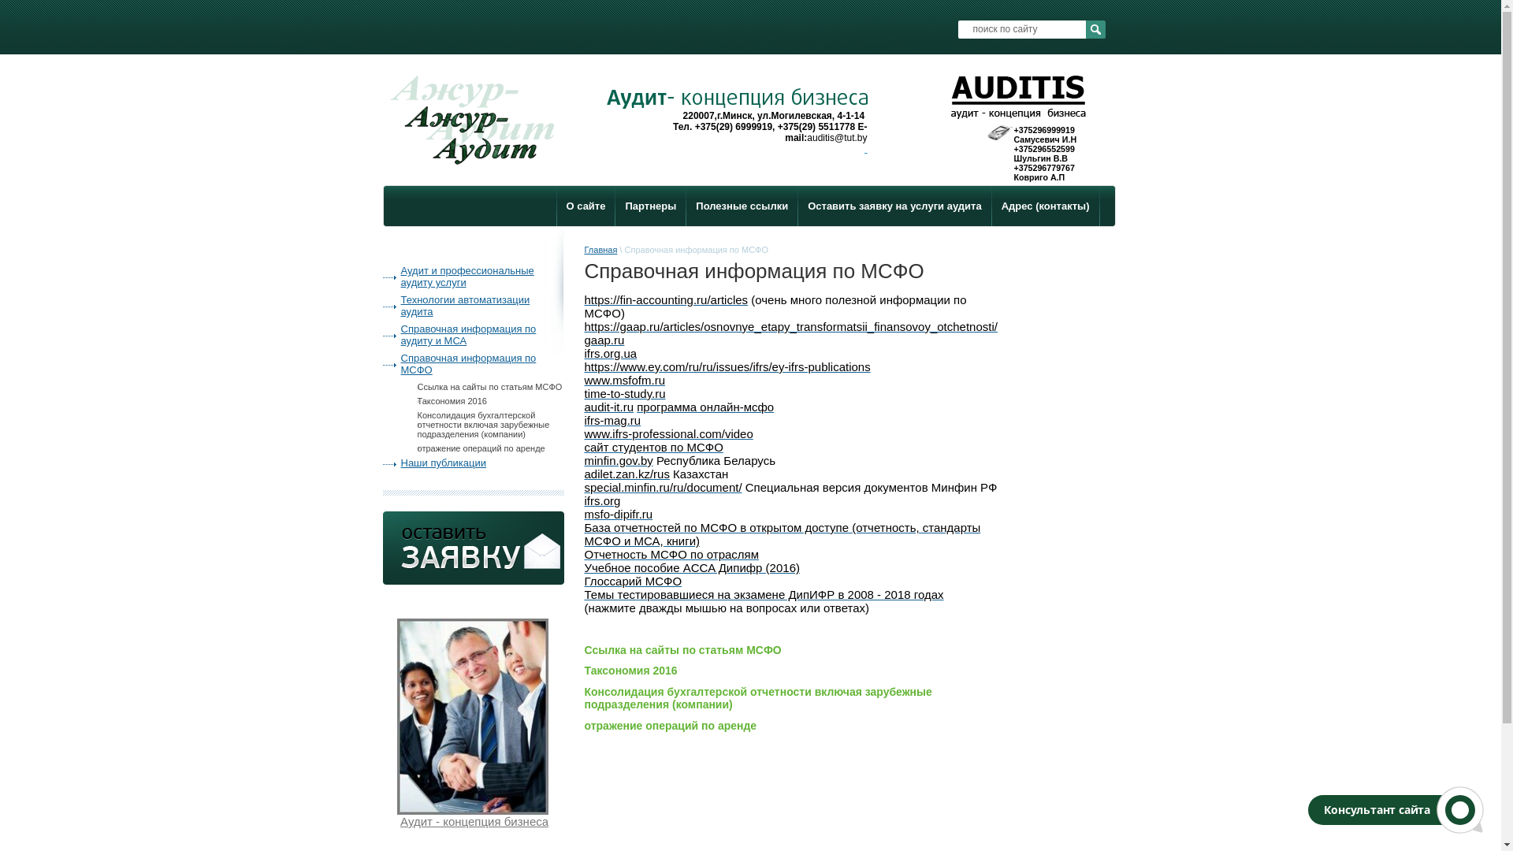 Image resolution: width=1513 pixels, height=851 pixels. What do you see at coordinates (864, 149) in the screenshot?
I see `' '` at bounding box center [864, 149].